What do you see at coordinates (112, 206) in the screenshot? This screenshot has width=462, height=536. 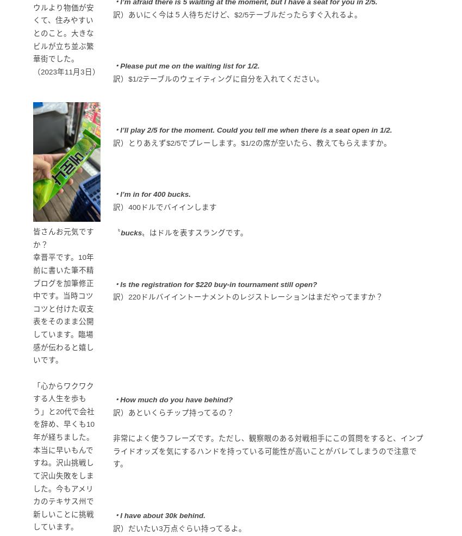 I see `'訳）400ドルでバイインします'` at bounding box center [112, 206].